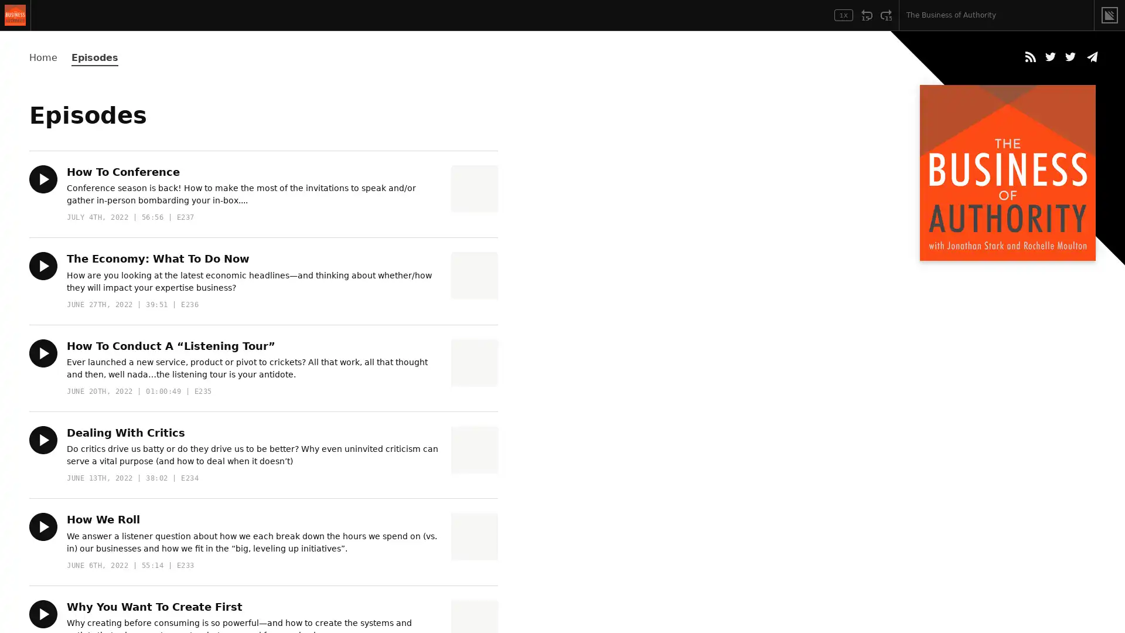  Describe the element at coordinates (810, 15) in the screenshot. I see `Open Player Settings` at that location.